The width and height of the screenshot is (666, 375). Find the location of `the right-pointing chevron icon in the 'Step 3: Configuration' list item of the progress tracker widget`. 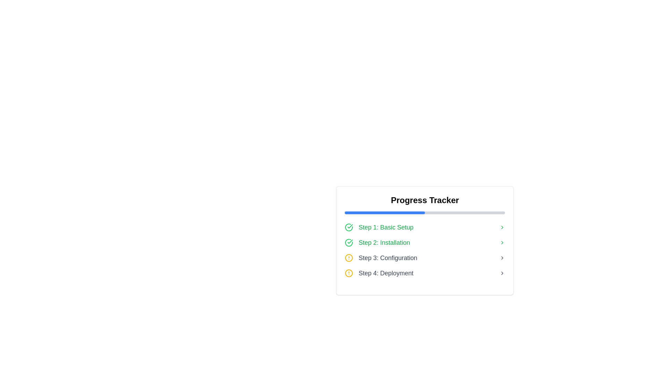

the right-pointing chevron icon in the 'Step 3: Configuration' list item of the progress tracker widget is located at coordinates (502, 258).